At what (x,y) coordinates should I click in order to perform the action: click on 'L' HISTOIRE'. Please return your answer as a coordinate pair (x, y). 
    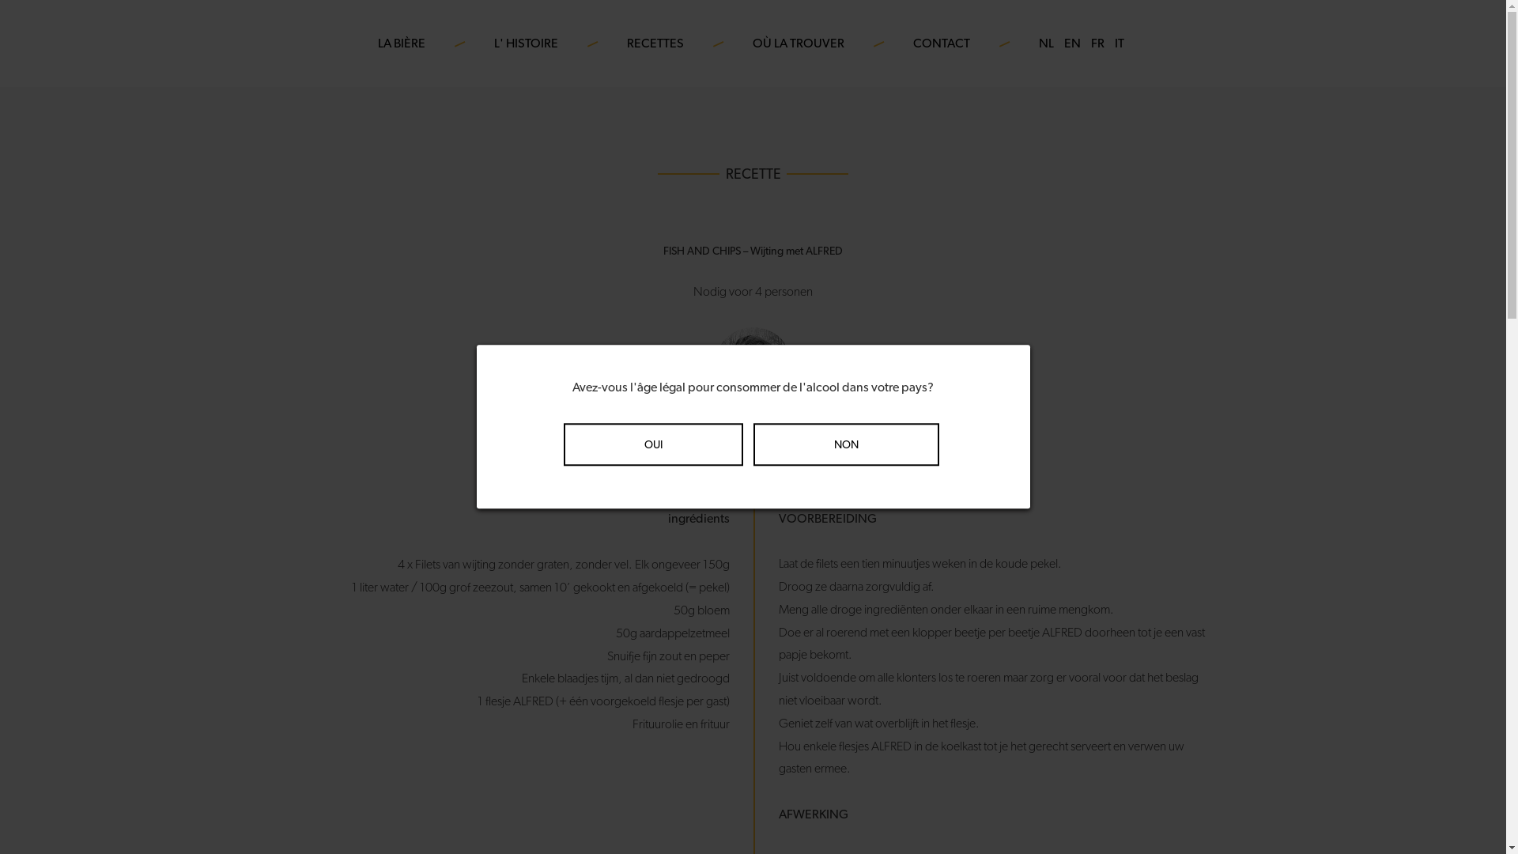
    Looking at the image, I should click on (526, 42).